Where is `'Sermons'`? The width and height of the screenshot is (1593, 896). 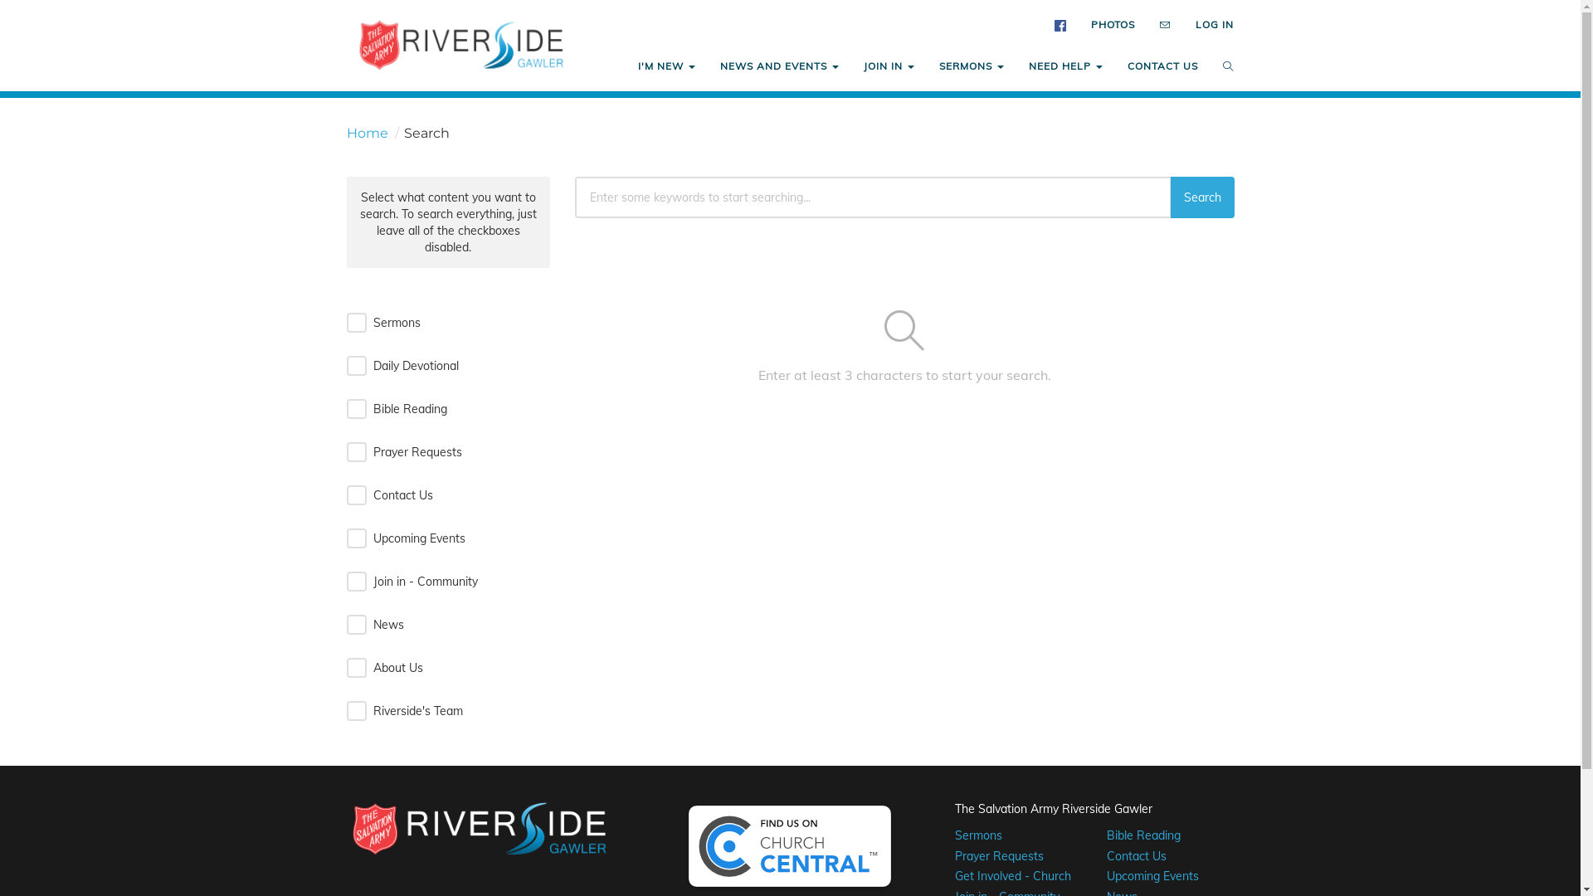
'Sermons' is located at coordinates (978, 835).